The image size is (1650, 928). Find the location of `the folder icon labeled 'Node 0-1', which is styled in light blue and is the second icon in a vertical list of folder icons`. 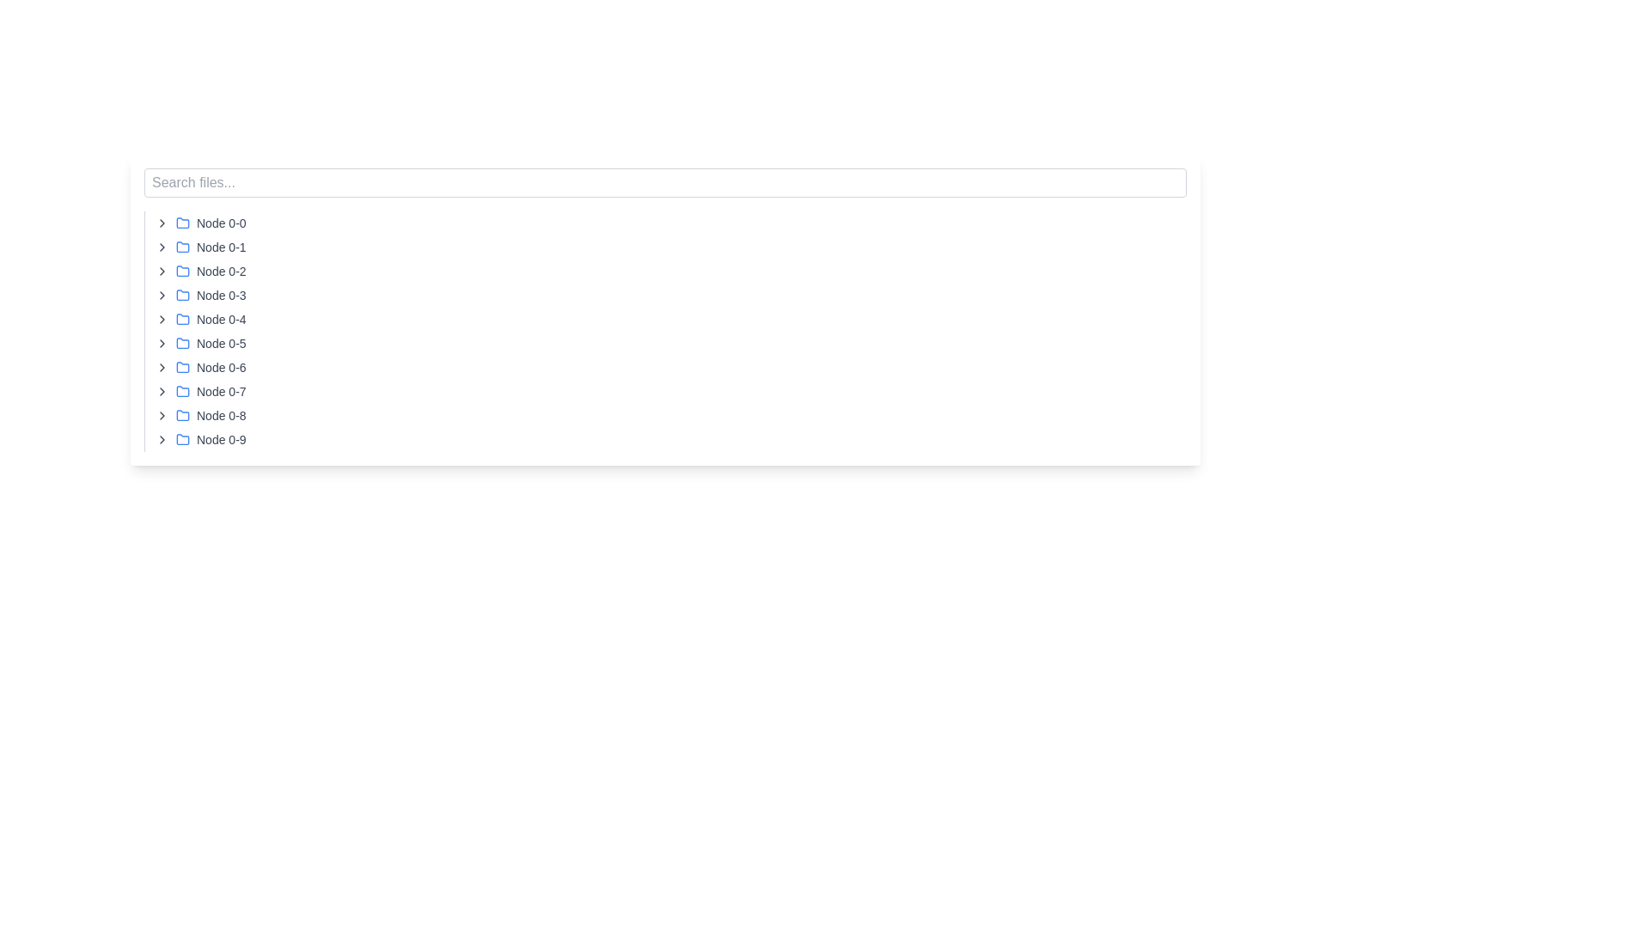

the folder icon labeled 'Node 0-1', which is styled in light blue and is the second icon in a vertical list of folder icons is located at coordinates (182, 246).